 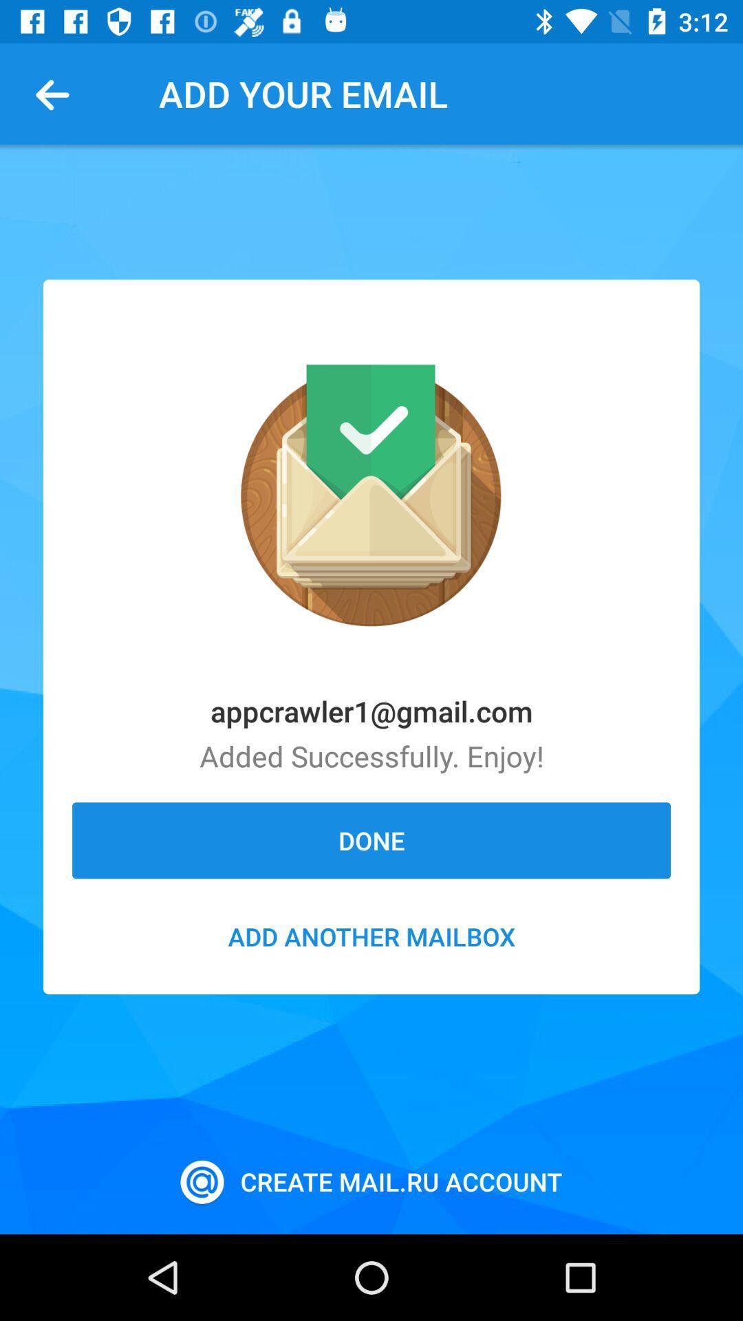 I want to click on the icon below the done, so click(x=371, y=936).